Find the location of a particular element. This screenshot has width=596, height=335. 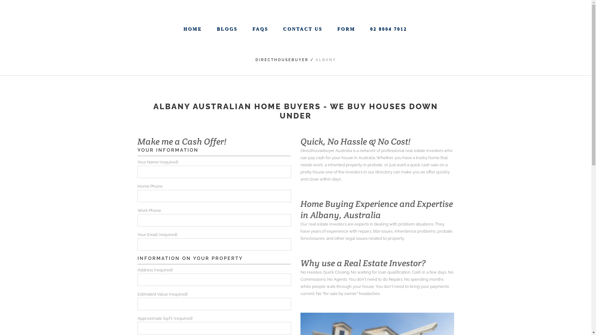

'DIRECTHOUSEBUYER' is located at coordinates (255, 60).